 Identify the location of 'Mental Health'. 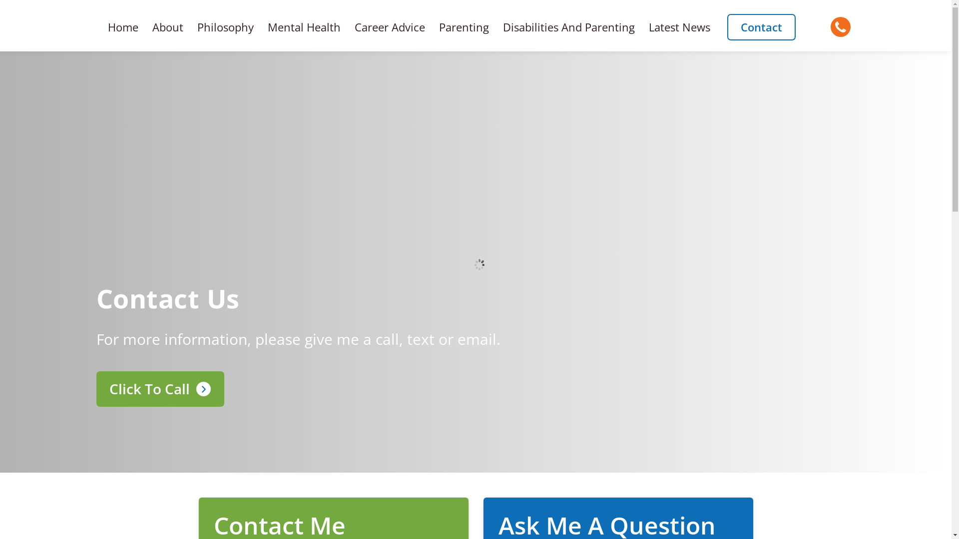
(304, 26).